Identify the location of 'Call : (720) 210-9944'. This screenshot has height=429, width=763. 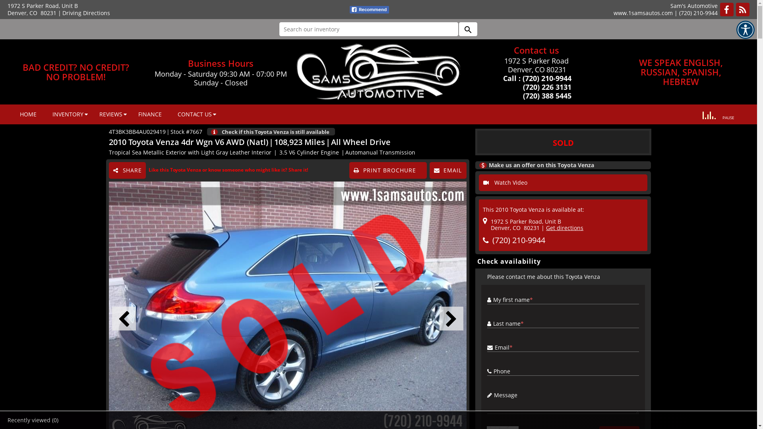
(536, 78).